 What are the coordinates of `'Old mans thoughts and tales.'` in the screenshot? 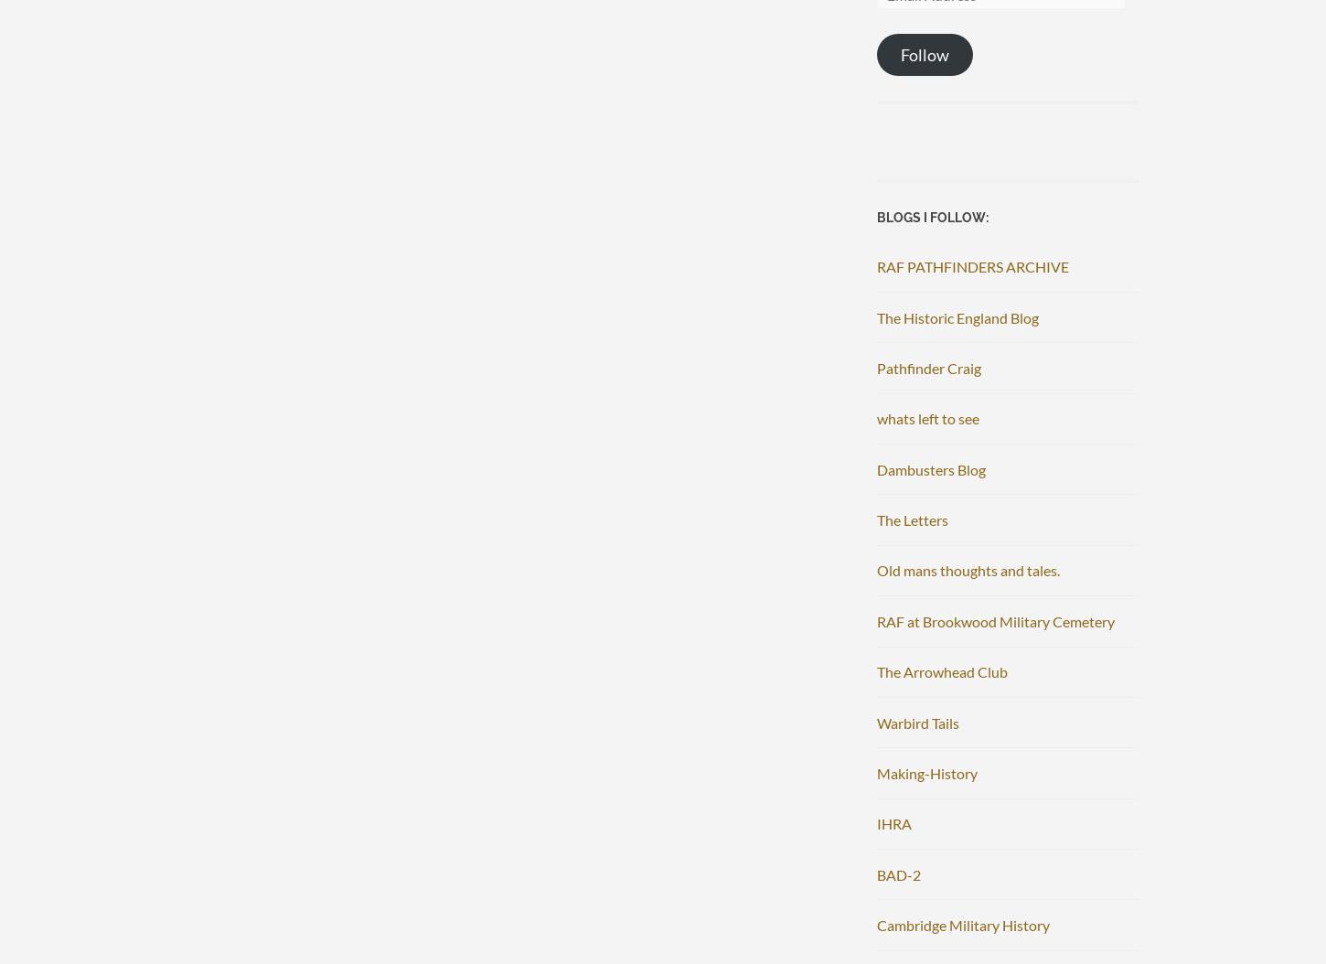 It's located at (876, 569).